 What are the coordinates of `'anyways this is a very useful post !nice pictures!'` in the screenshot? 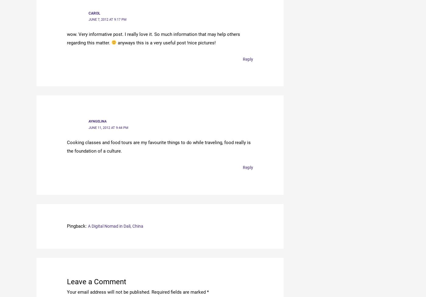 It's located at (166, 42).